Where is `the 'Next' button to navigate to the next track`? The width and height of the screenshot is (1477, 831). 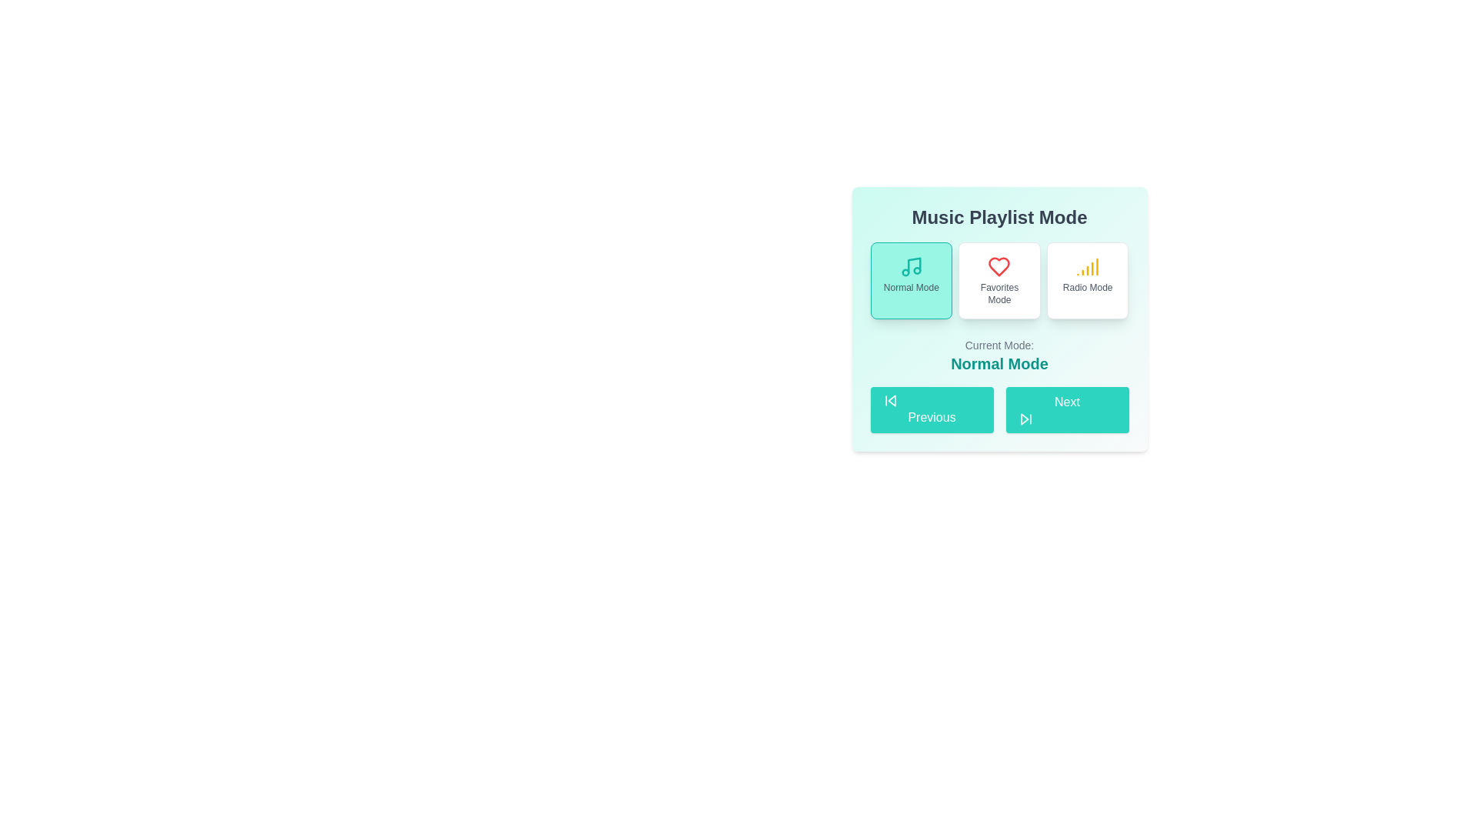 the 'Next' button to navigate to the next track is located at coordinates (1066, 409).